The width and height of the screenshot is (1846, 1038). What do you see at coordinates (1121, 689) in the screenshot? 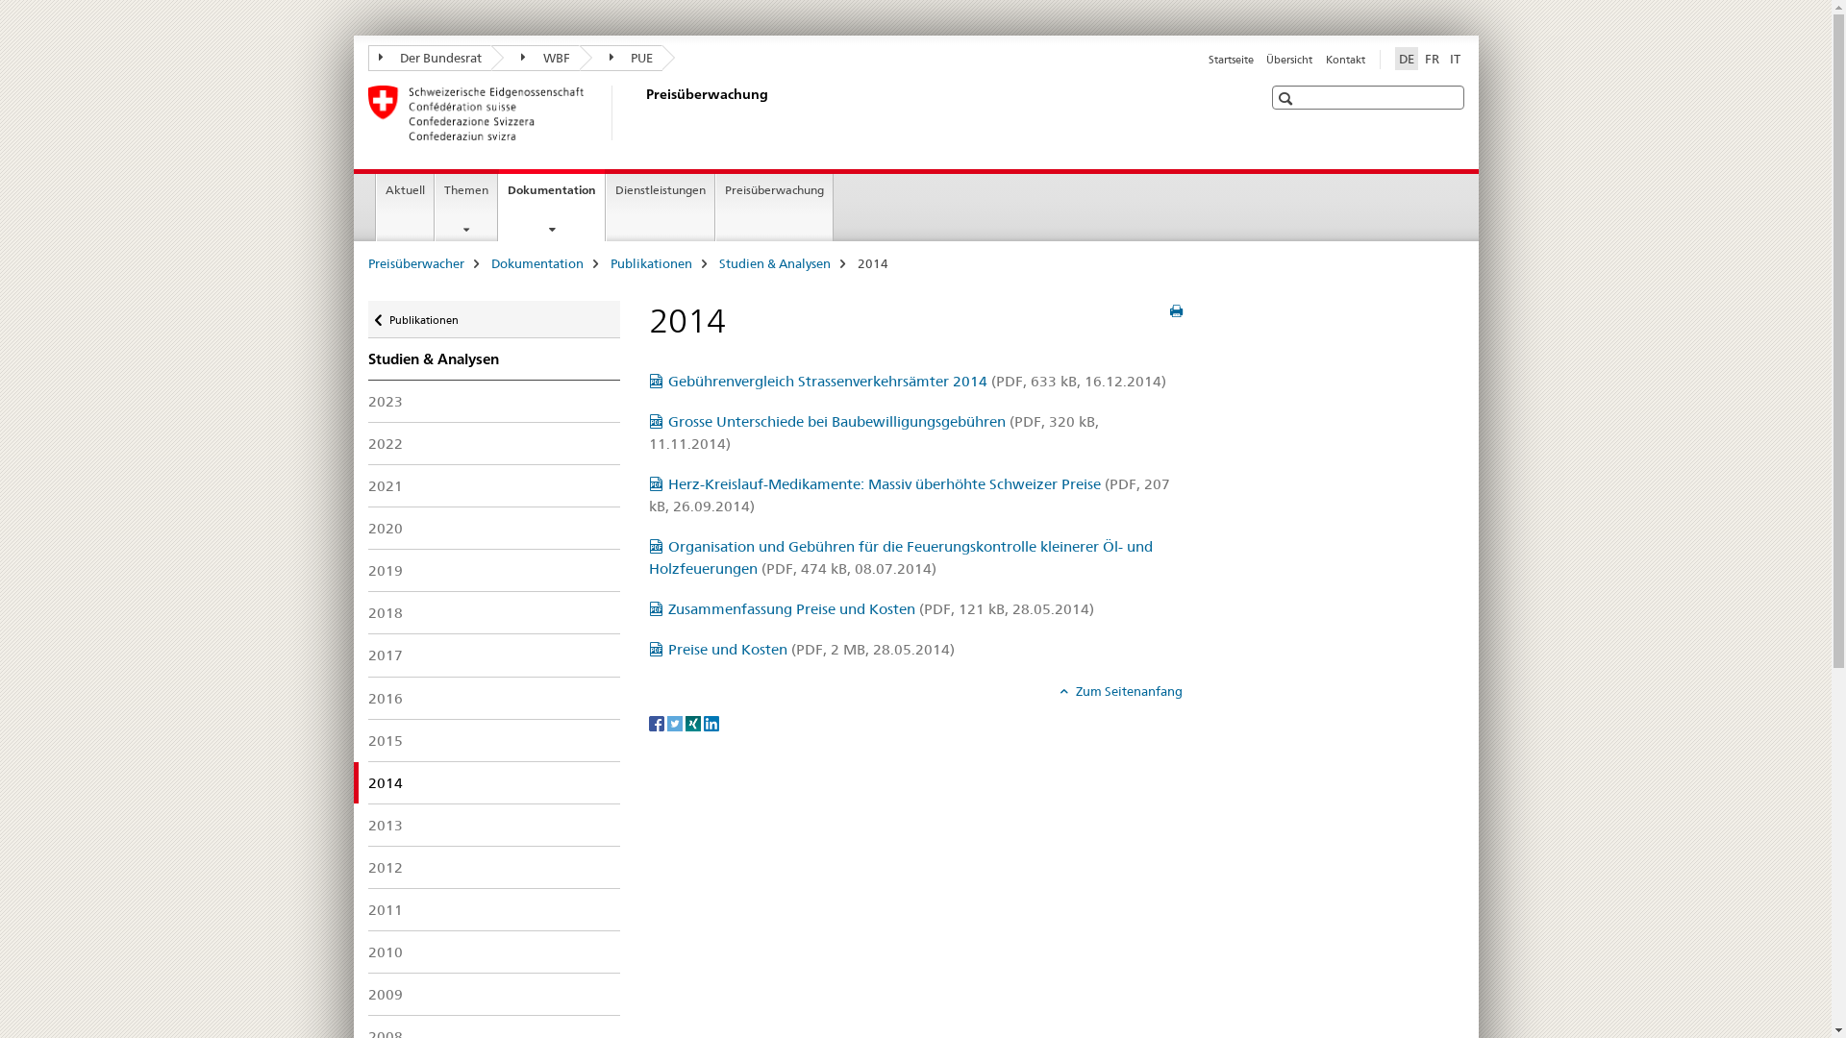
I see `'Zum Seitenanfang'` at bounding box center [1121, 689].